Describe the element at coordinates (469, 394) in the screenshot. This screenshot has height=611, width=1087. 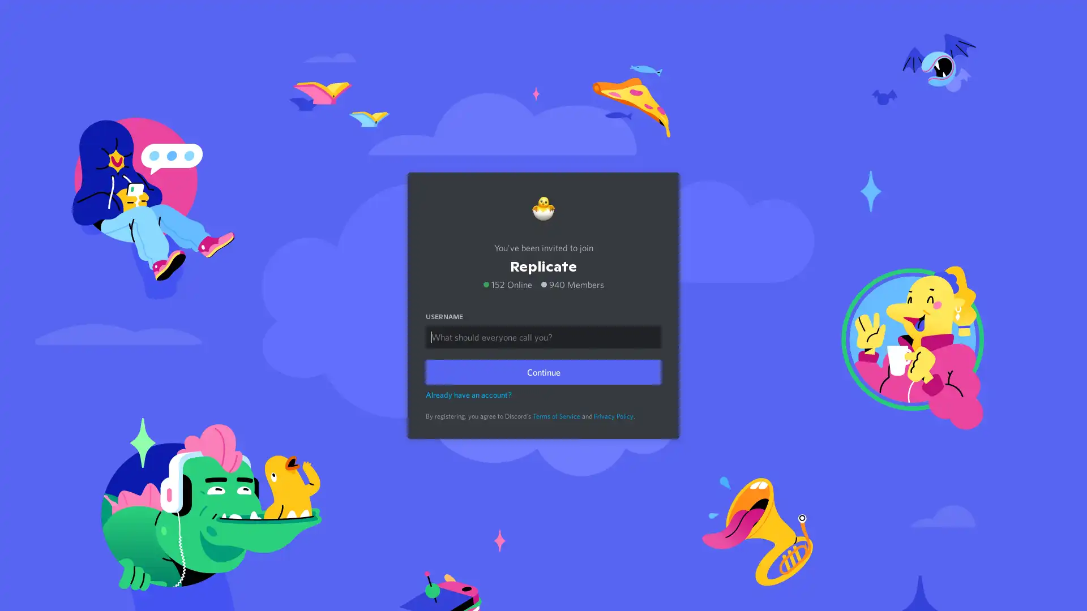
I see `Already have an account?` at that location.